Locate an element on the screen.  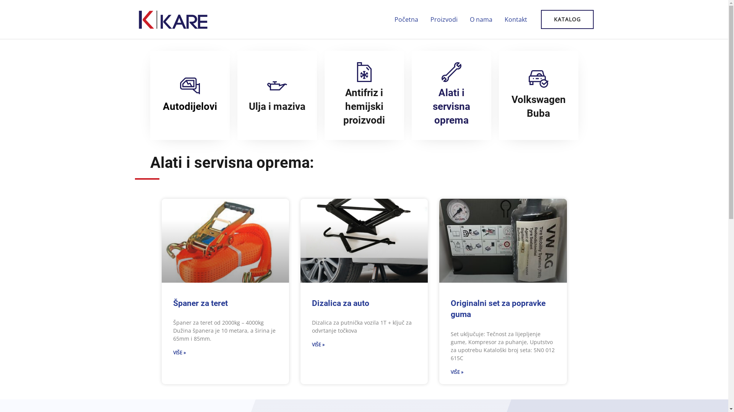
'KATALOG' is located at coordinates (540, 19).